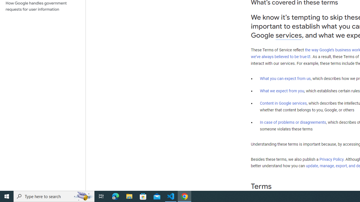  Describe the element at coordinates (285, 78) in the screenshot. I see `'What you can expect from us'` at that location.